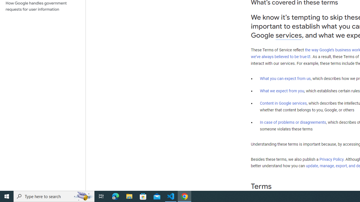  Describe the element at coordinates (285, 78) in the screenshot. I see `'What you can expect from us'` at that location.